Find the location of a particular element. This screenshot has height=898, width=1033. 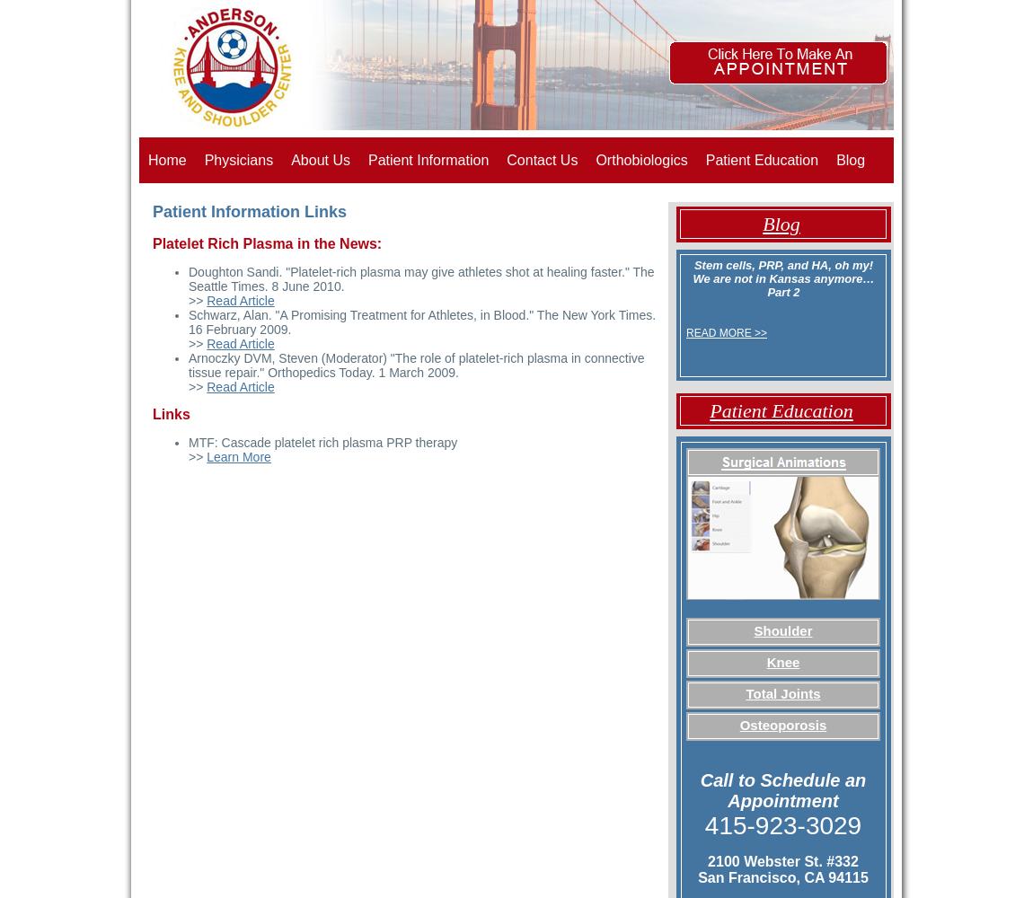

'Total Joints' is located at coordinates (744, 693).